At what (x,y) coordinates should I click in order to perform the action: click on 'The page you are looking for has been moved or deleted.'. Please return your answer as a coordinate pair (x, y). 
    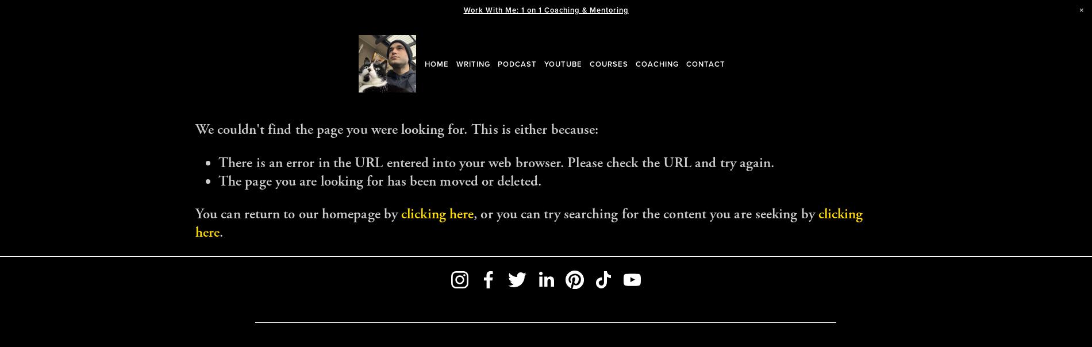
    Looking at the image, I should click on (379, 182).